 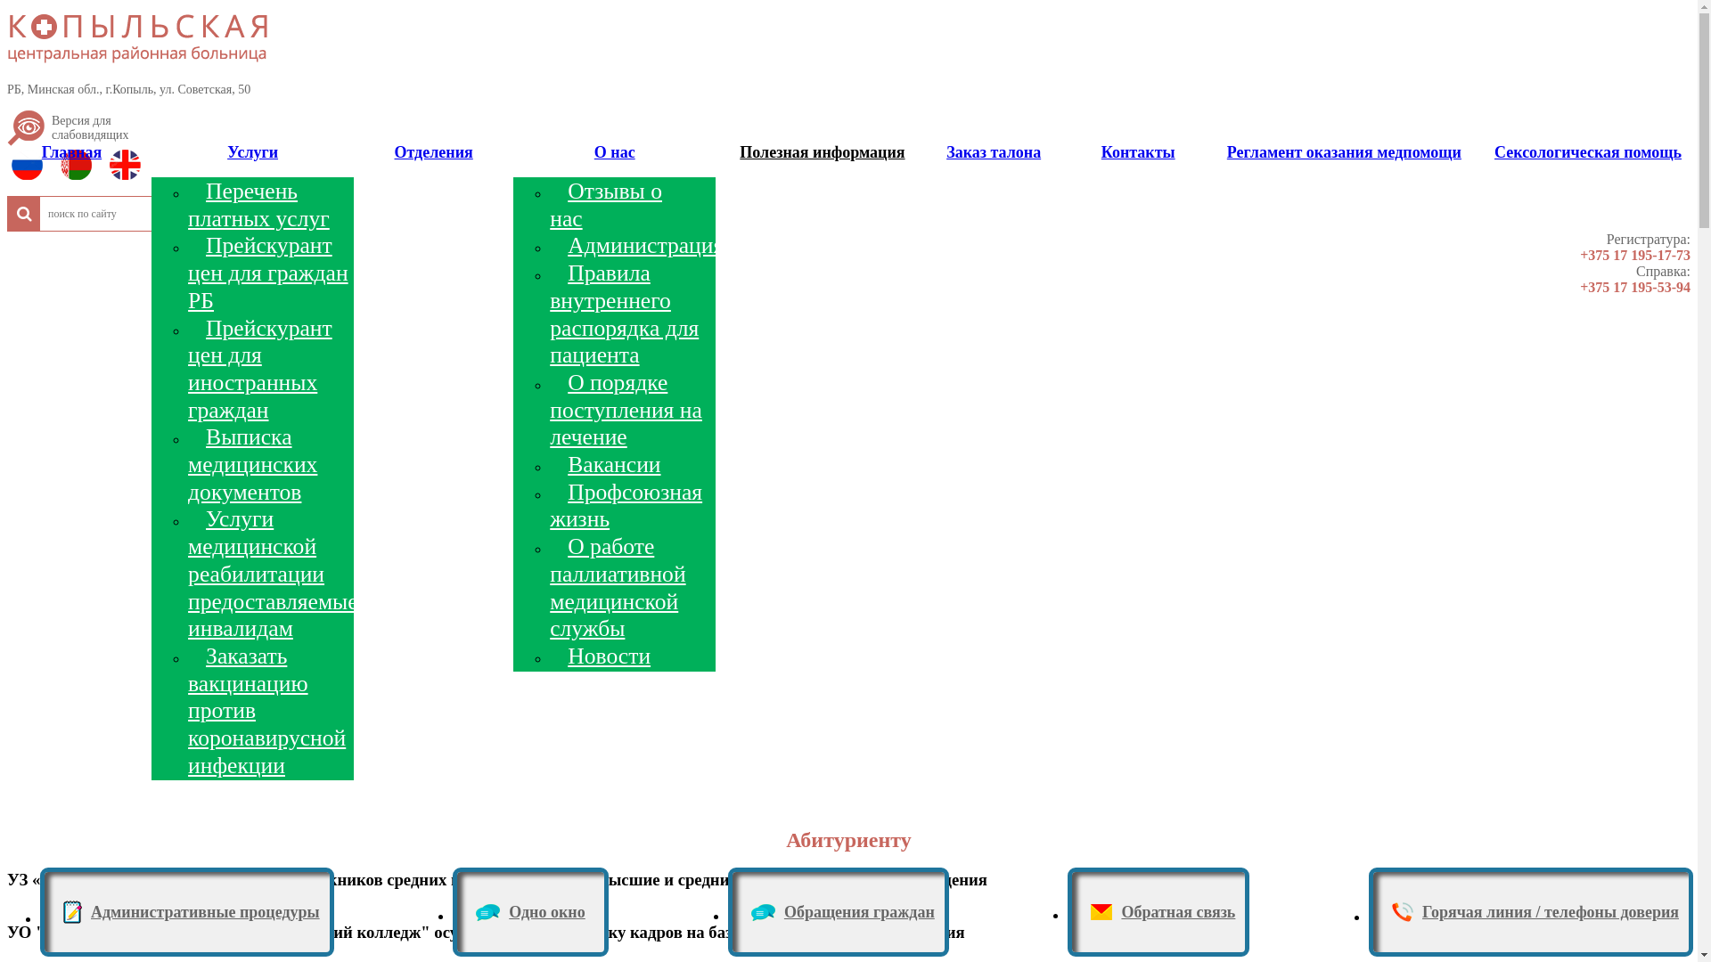 I want to click on 'Russian', so click(x=31, y=169).